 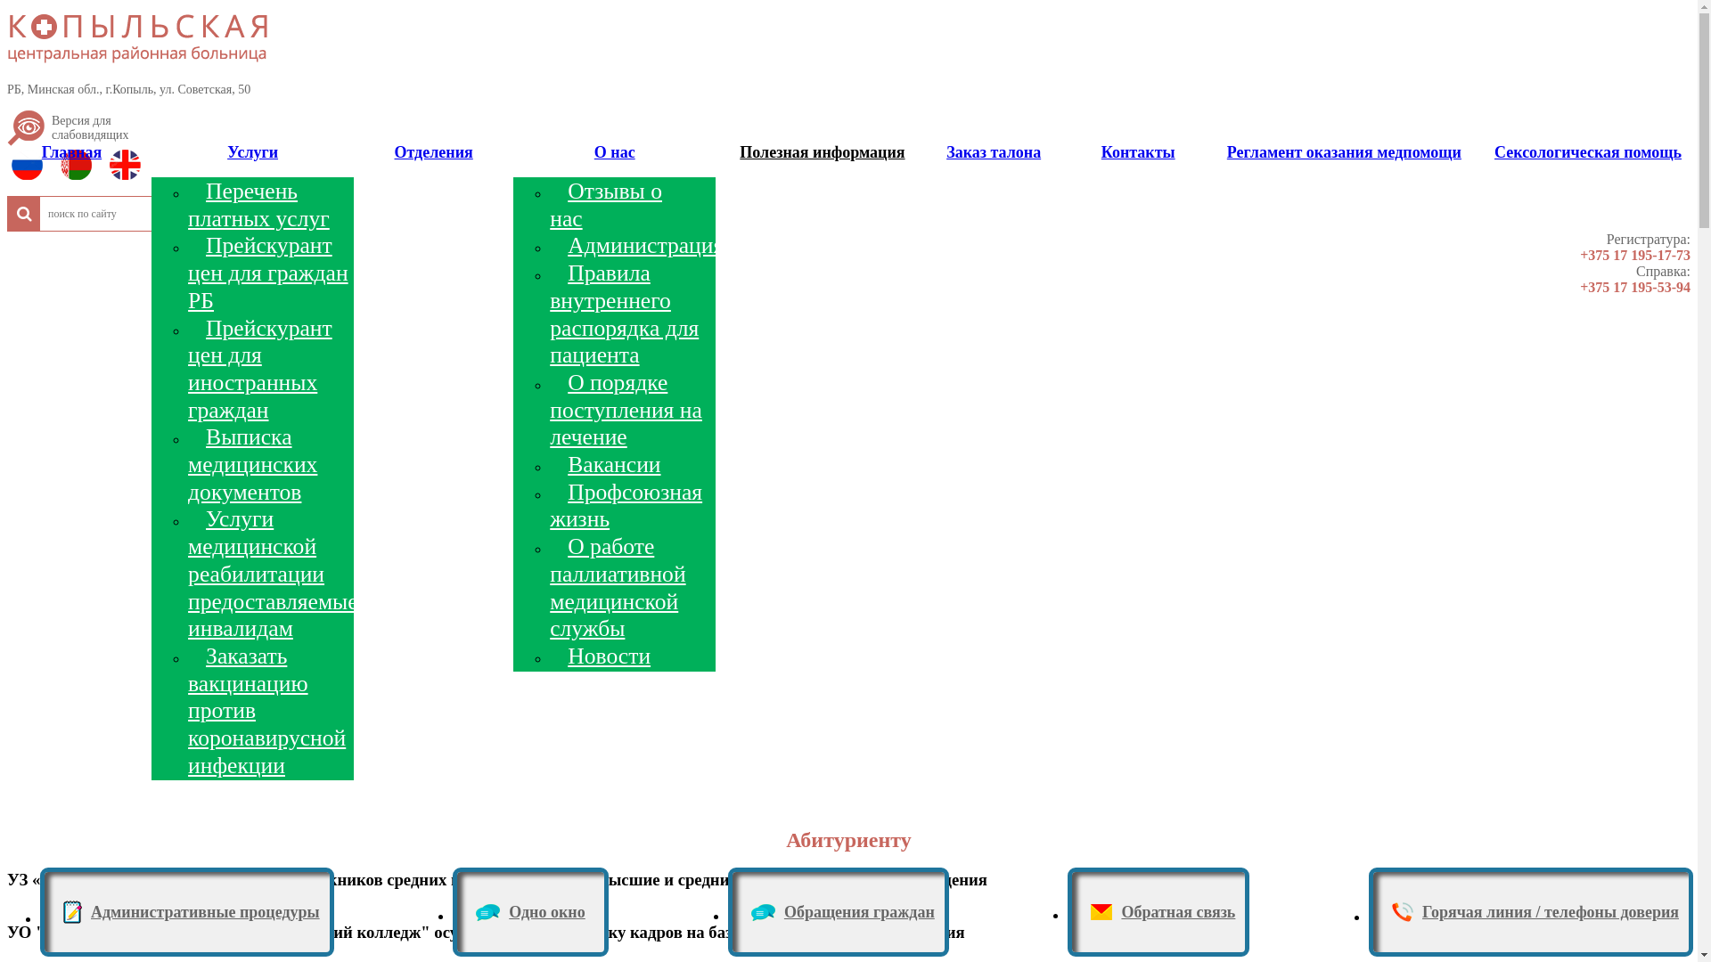 I want to click on 'Russian', so click(x=31, y=169).